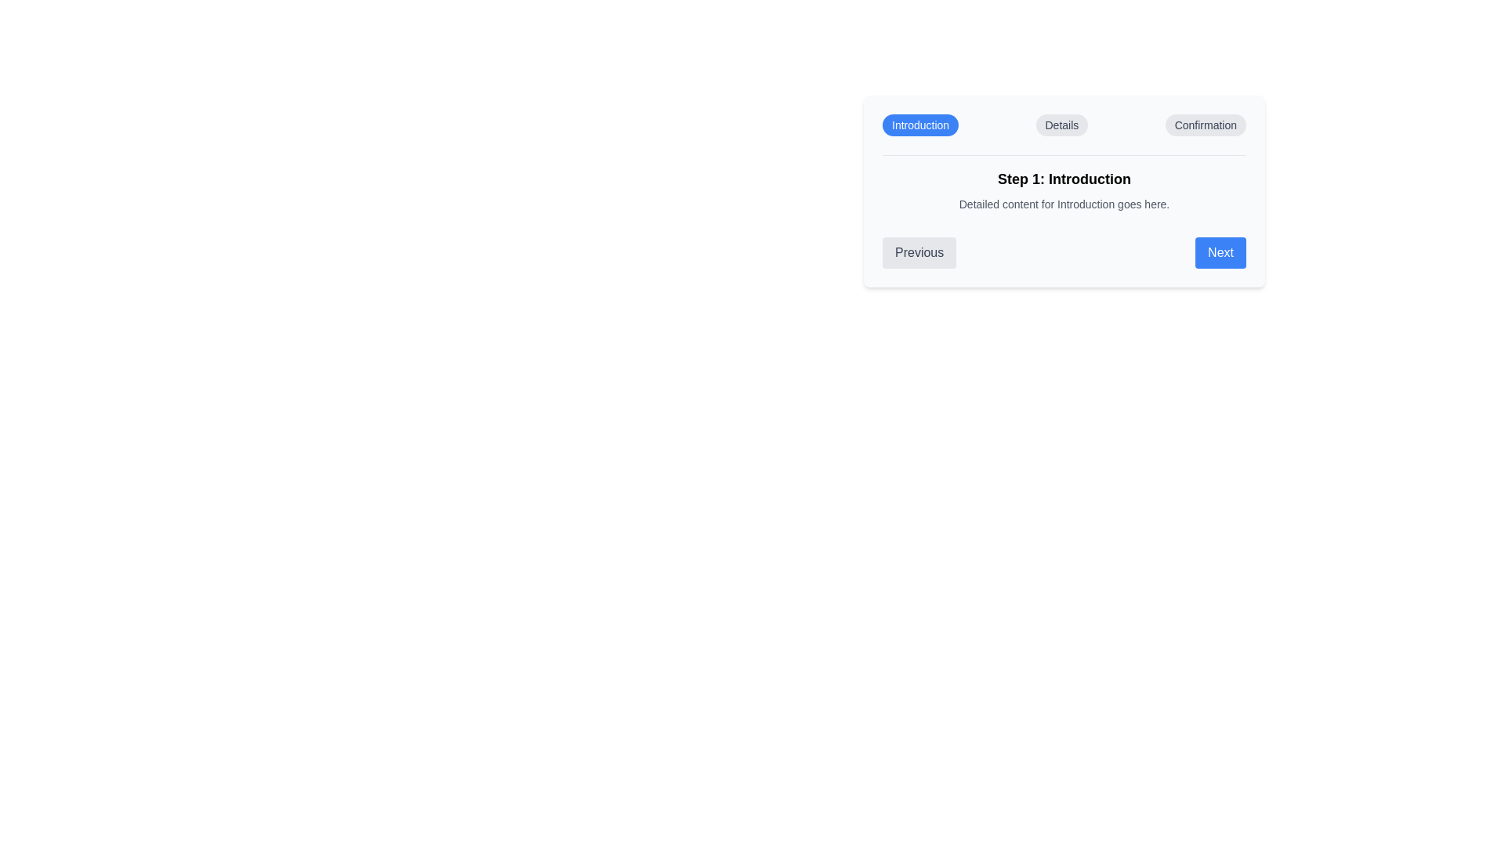  I want to click on 'Next' button to proceed to the next step, so click(1219, 252).